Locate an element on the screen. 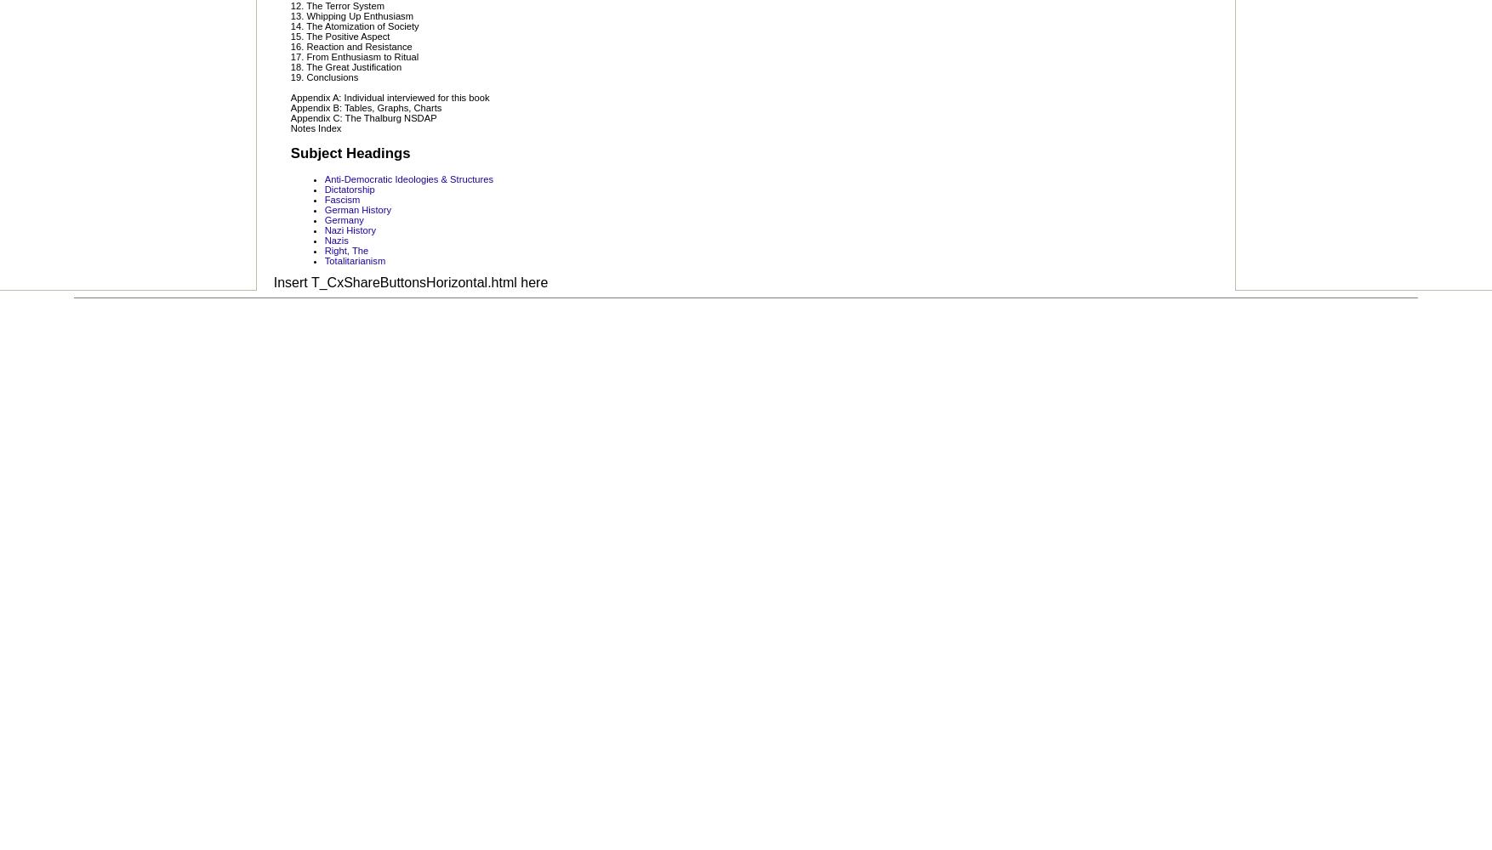 The height and width of the screenshot is (850, 1492). 'Appendix C:  The Thalburg NSDAP' is located at coordinates (362, 118).